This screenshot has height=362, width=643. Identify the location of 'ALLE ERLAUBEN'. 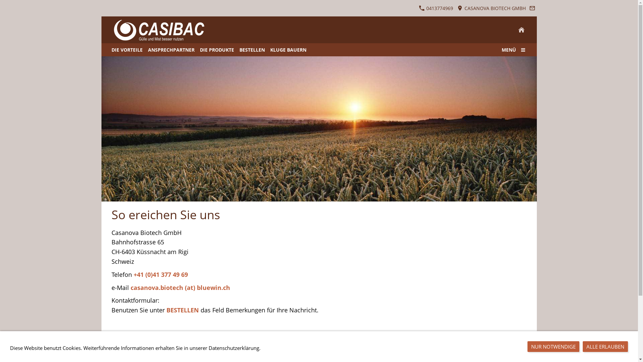
(605, 346).